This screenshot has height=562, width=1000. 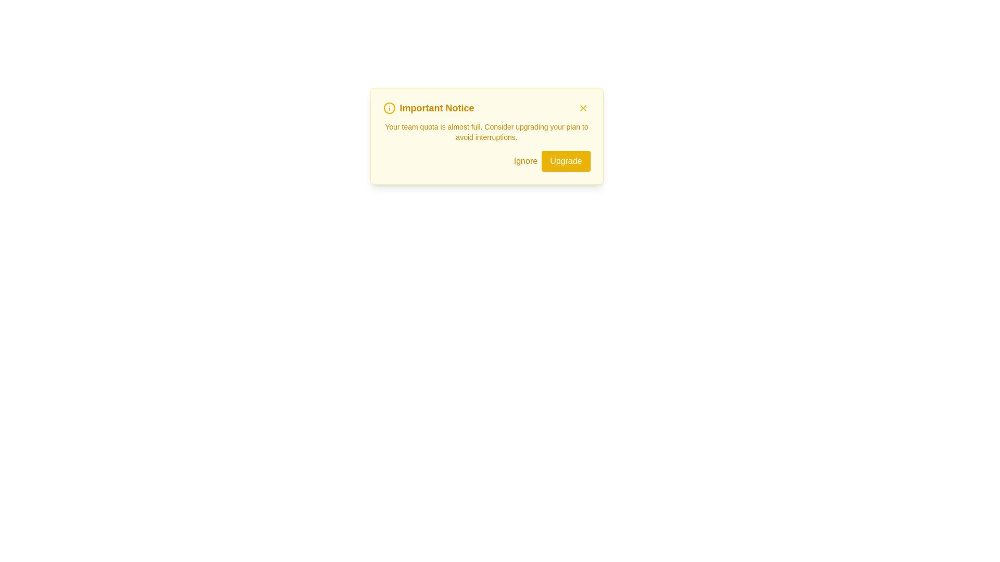 I want to click on circular information graphic icon with a yellow outline located to the left of the 'Important Notice' title in the notification window, so click(x=389, y=108).